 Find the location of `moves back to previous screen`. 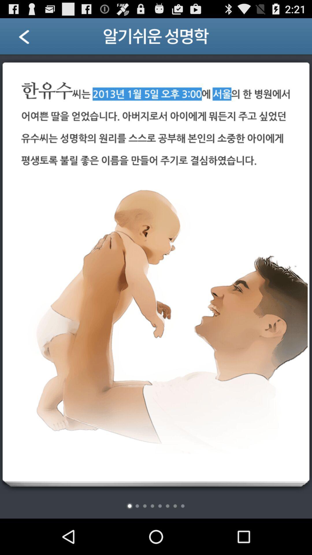

moves back to previous screen is located at coordinates (31, 38).